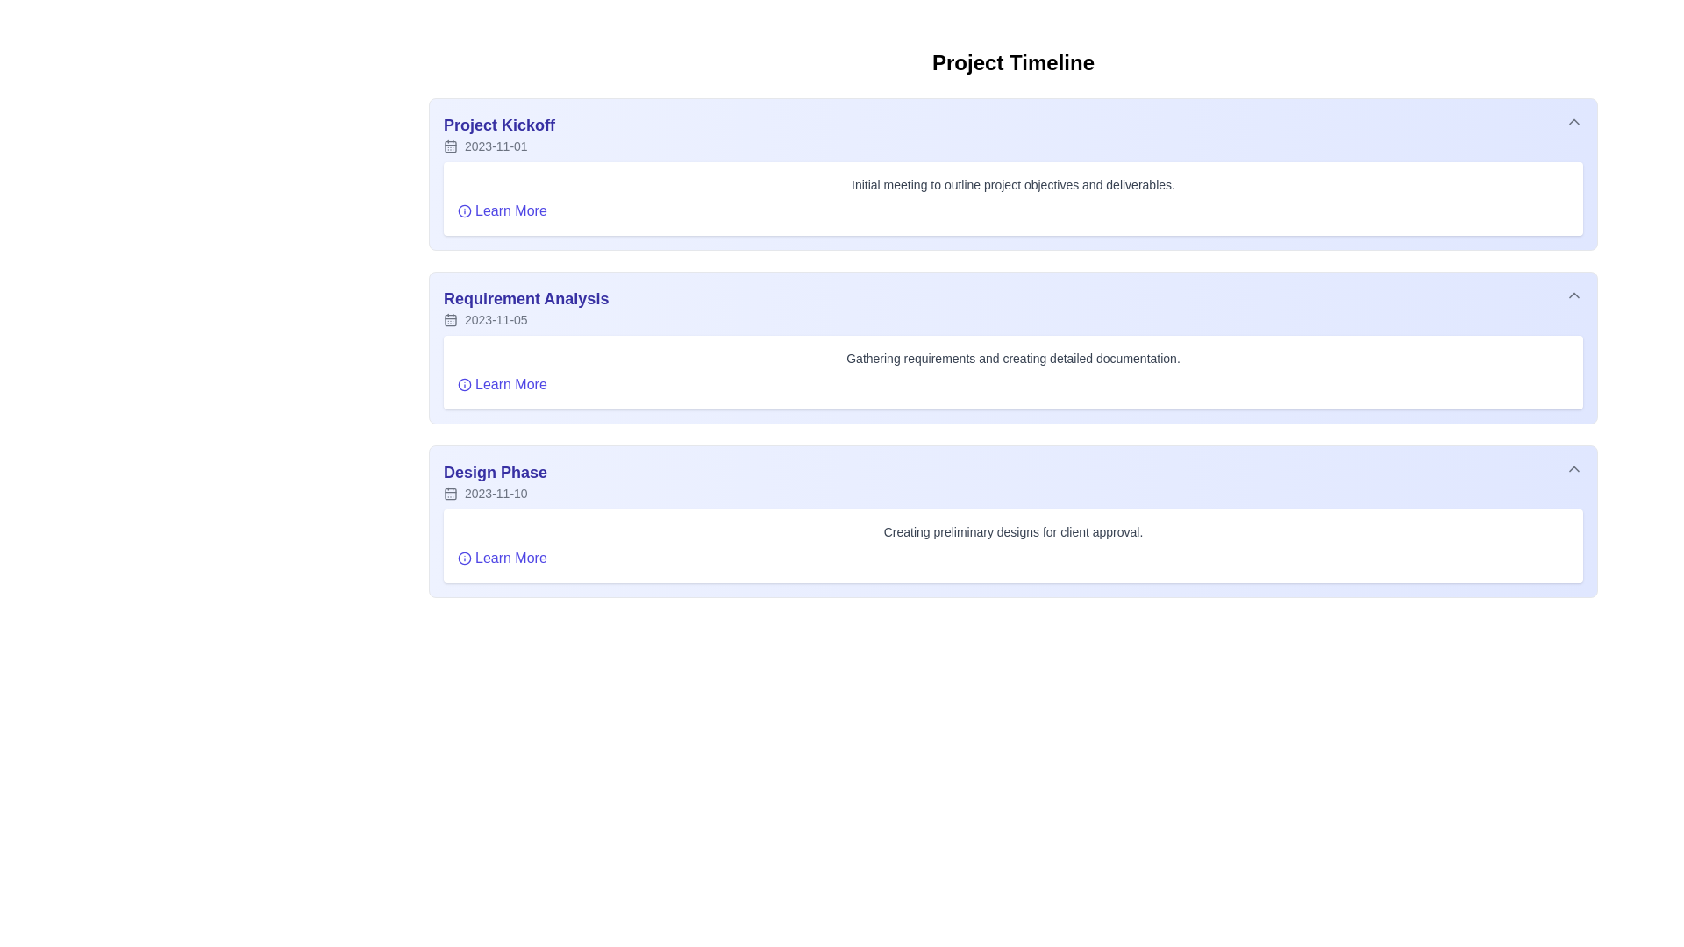  Describe the element at coordinates (1013, 530) in the screenshot. I see `the text element displaying 'Creating preliminary designs for client approval.' located in the 'Design Phase' section of the timeline interface` at that location.